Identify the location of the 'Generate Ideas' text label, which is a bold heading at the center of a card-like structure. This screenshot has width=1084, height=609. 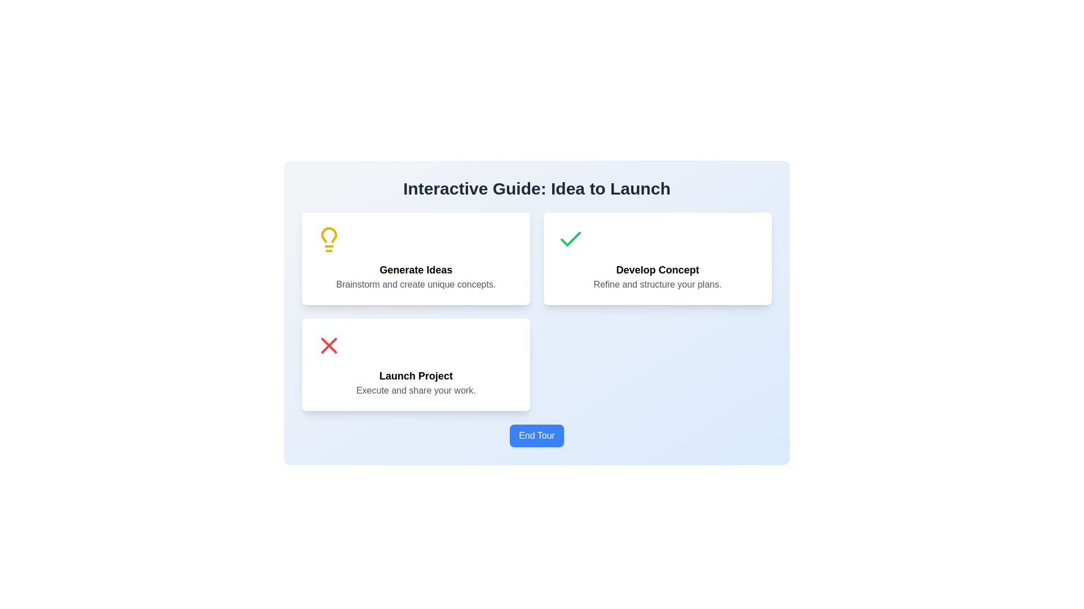
(416, 270).